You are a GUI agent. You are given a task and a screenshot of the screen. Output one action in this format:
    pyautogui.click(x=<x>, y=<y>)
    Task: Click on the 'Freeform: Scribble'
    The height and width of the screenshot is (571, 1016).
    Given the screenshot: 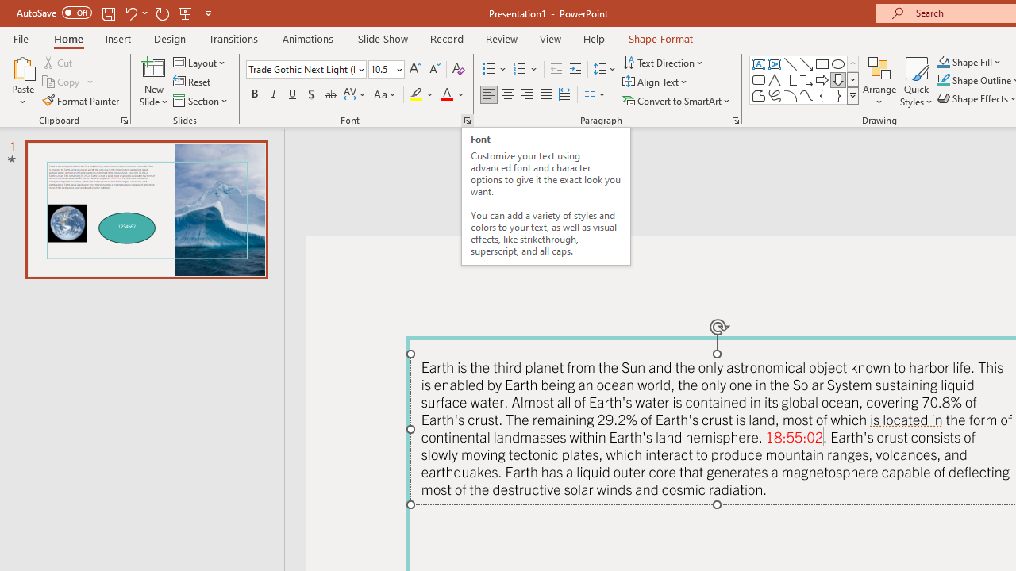 What is the action you would take?
    pyautogui.click(x=775, y=95)
    